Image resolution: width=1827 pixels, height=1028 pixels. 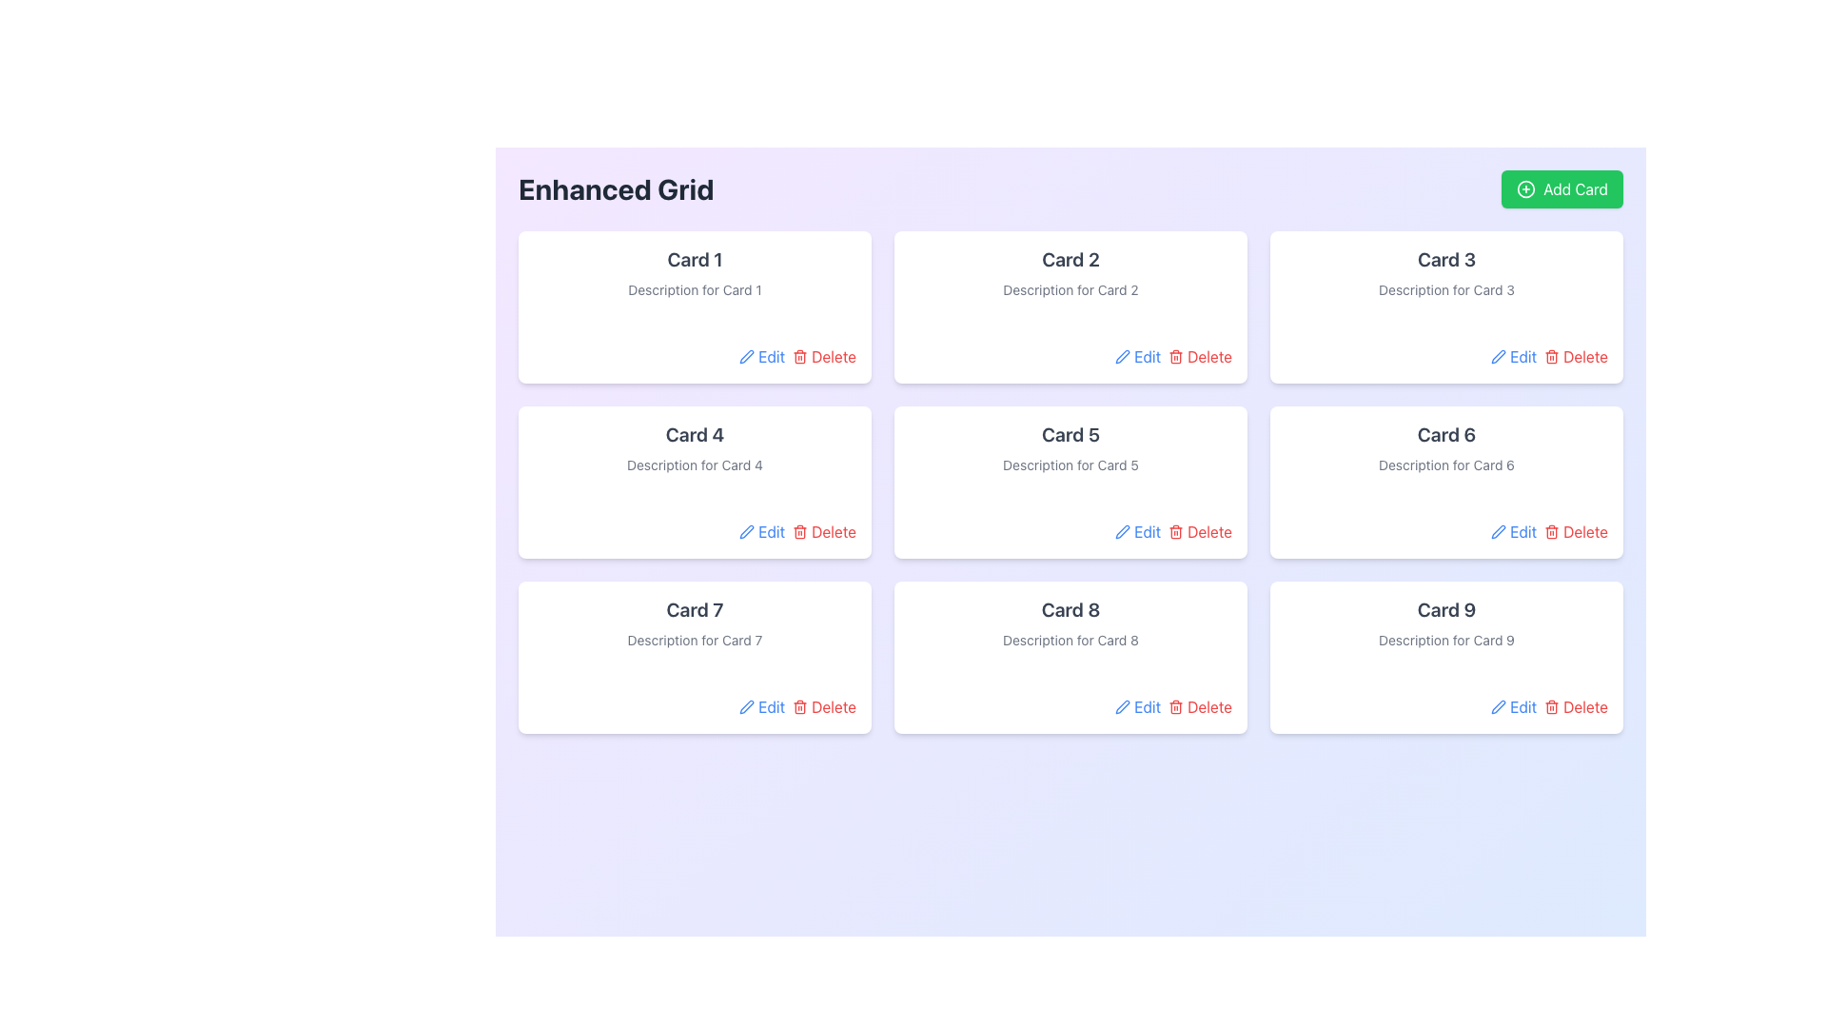 I want to click on the 'Edit' hyperlink styled as a button, which is blue-colored and features a pen icon, located in the 'Card 5' section of the grid layout, so click(x=1138, y=532).